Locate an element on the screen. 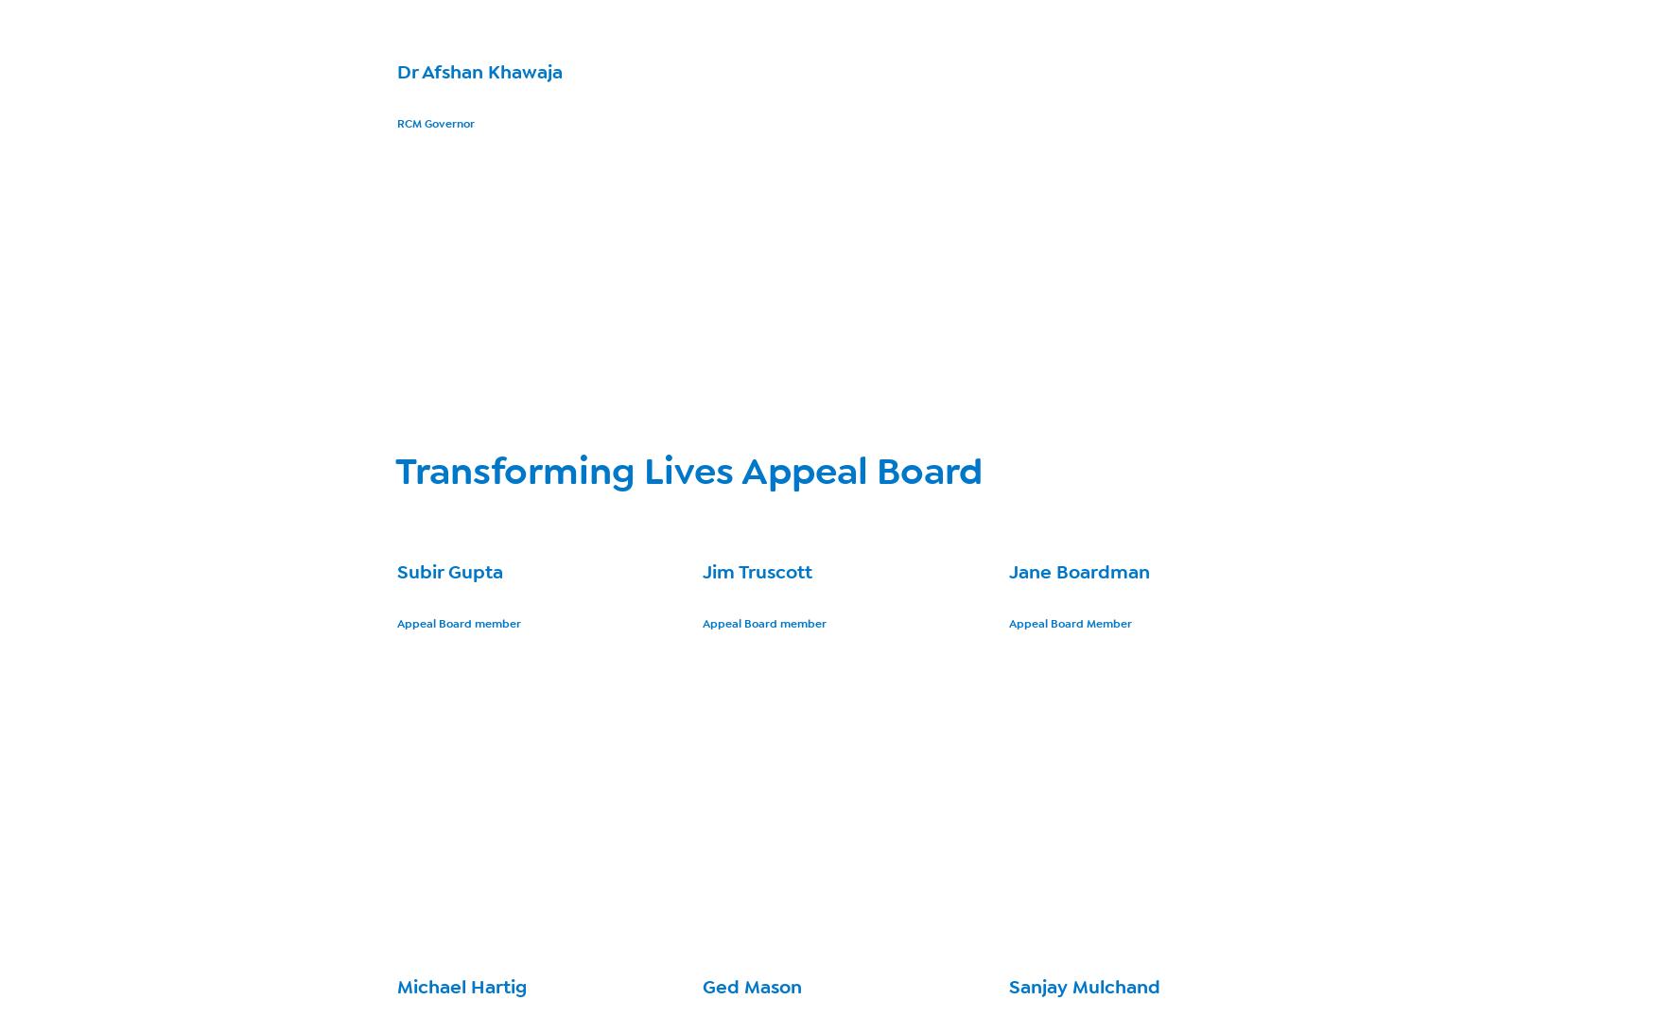 The height and width of the screenshot is (1017, 1655). 'Dr Afshan Khawaja' is located at coordinates (479, 72).